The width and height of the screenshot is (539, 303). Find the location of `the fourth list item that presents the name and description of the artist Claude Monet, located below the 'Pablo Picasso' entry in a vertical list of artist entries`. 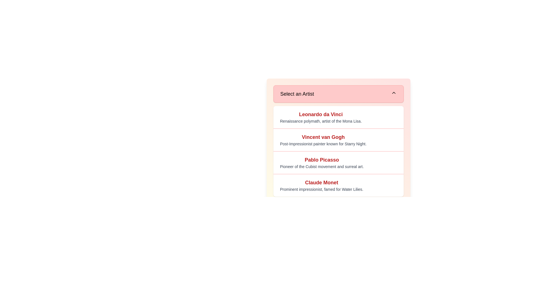

the fourth list item that presents the name and description of the artist Claude Monet, located below the 'Pablo Picasso' entry in a vertical list of artist entries is located at coordinates (338, 185).